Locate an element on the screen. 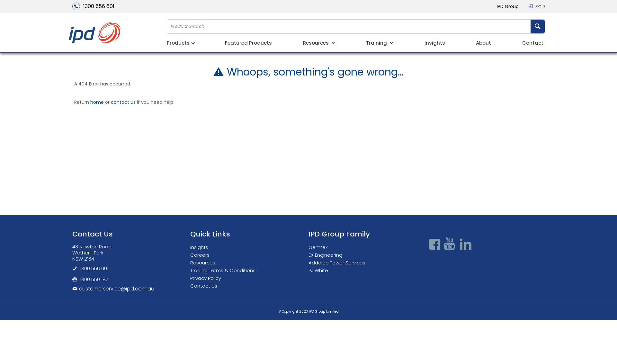 Image resolution: width=617 pixels, height=347 pixels. 'customerservice@ipd.com.au' is located at coordinates (72, 288).